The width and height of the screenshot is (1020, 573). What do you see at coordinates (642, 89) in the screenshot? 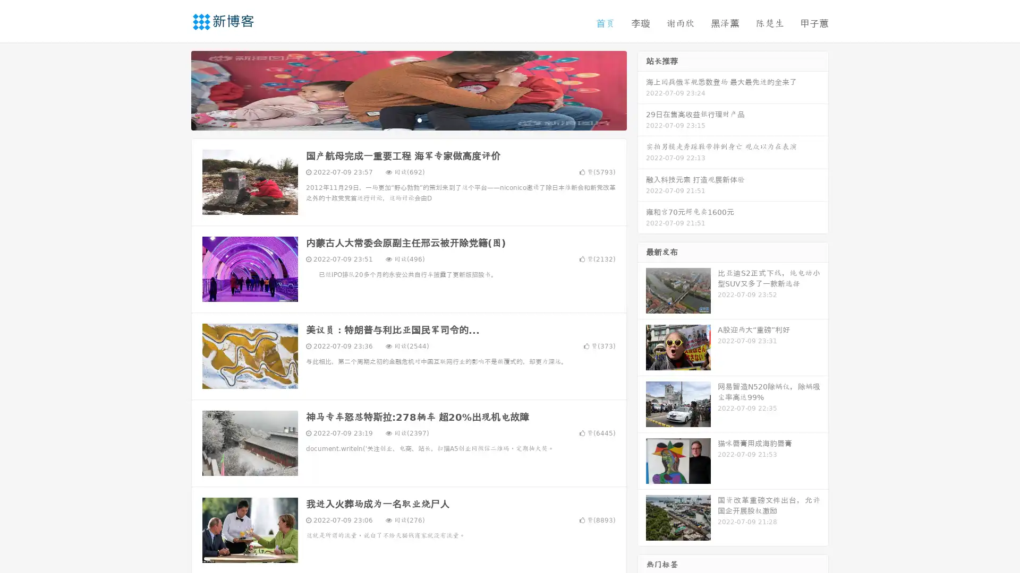
I see `Next slide` at bounding box center [642, 89].